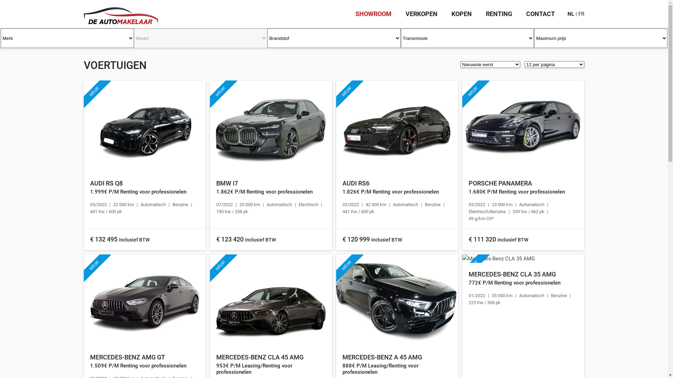 The image size is (673, 378). Describe the element at coordinates (485, 14) in the screenshot. I see `'RENTING'` at that location.